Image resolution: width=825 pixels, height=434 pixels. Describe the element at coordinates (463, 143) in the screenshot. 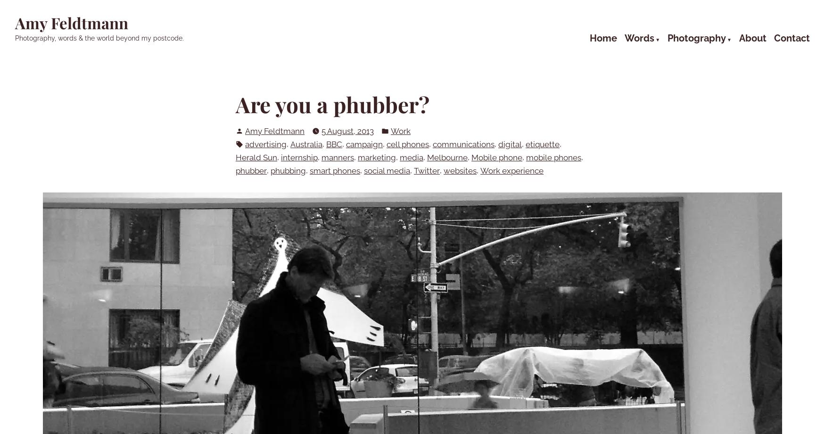

I see `'communications'` at that location.